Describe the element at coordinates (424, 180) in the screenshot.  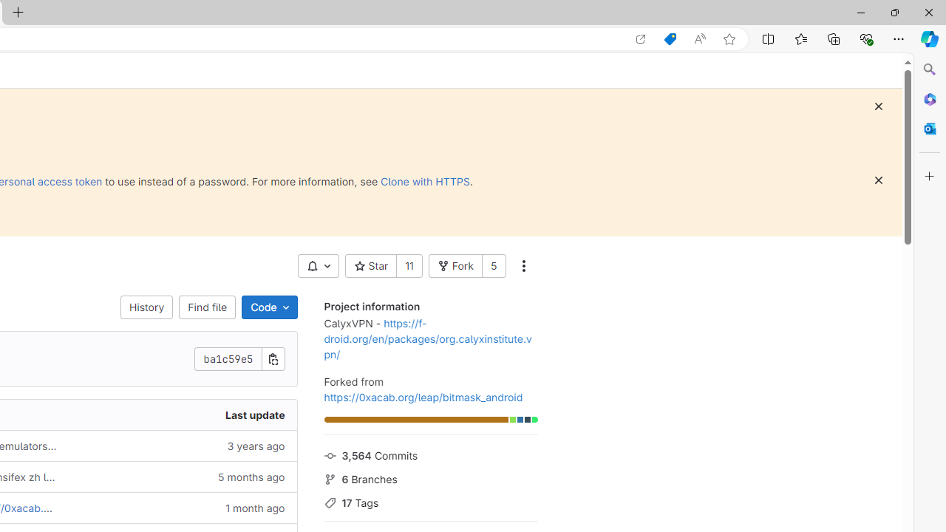
I see `'Clone with HTTPS'` at that location.